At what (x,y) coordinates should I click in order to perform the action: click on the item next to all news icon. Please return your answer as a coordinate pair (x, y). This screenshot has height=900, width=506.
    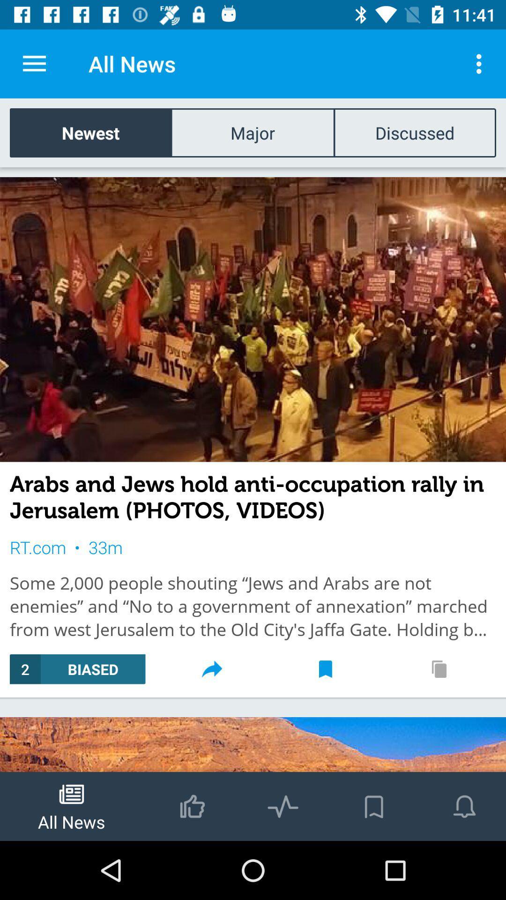
    Looking at the image, I should click on (34, 63).